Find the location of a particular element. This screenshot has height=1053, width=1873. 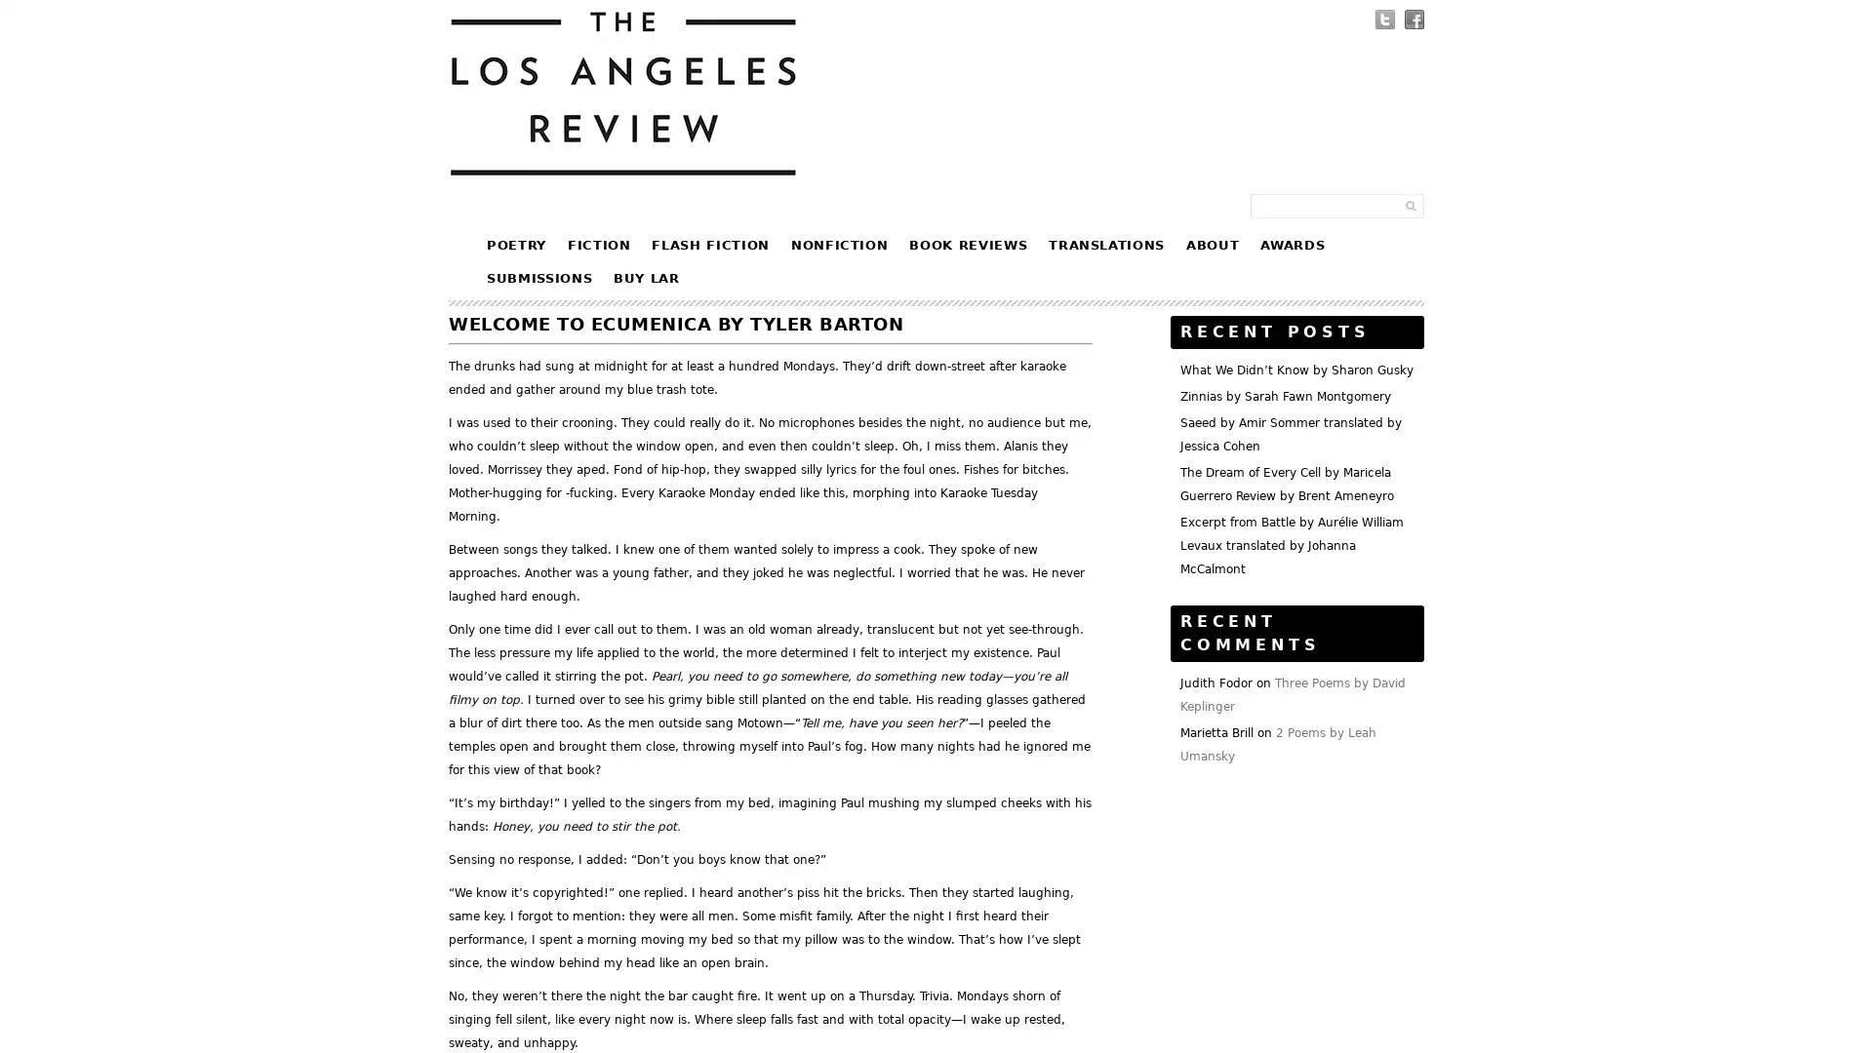

Submit Form is located at coordinates (1411, 206).